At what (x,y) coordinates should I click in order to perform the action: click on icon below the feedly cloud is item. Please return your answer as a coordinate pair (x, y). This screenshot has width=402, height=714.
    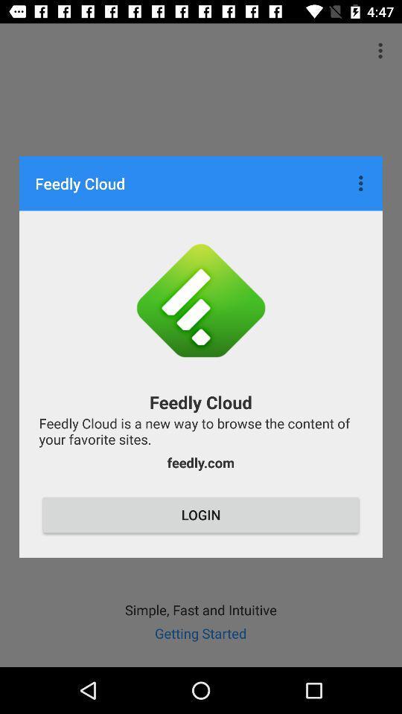
    Looking at the image, I should click on (200, 462).